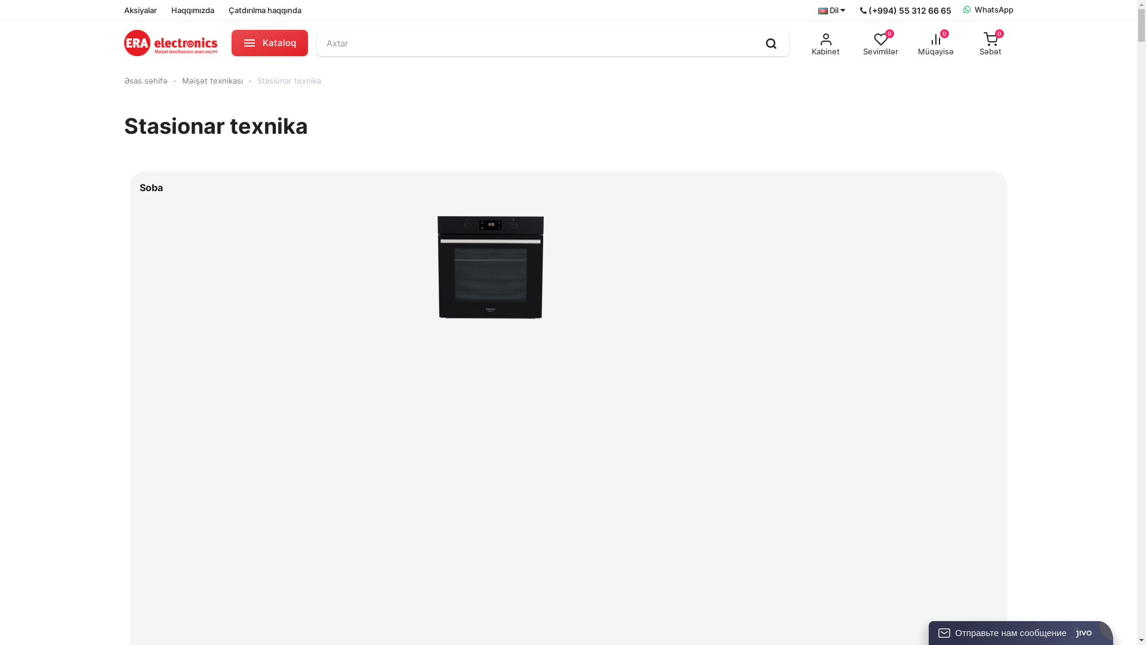 The height and width of the screenshot is (645, 1146). What do you see at coordinates (140, 10) in the screenshot?
I see `'Aksiyalar'` at bounding box center [140, 10].